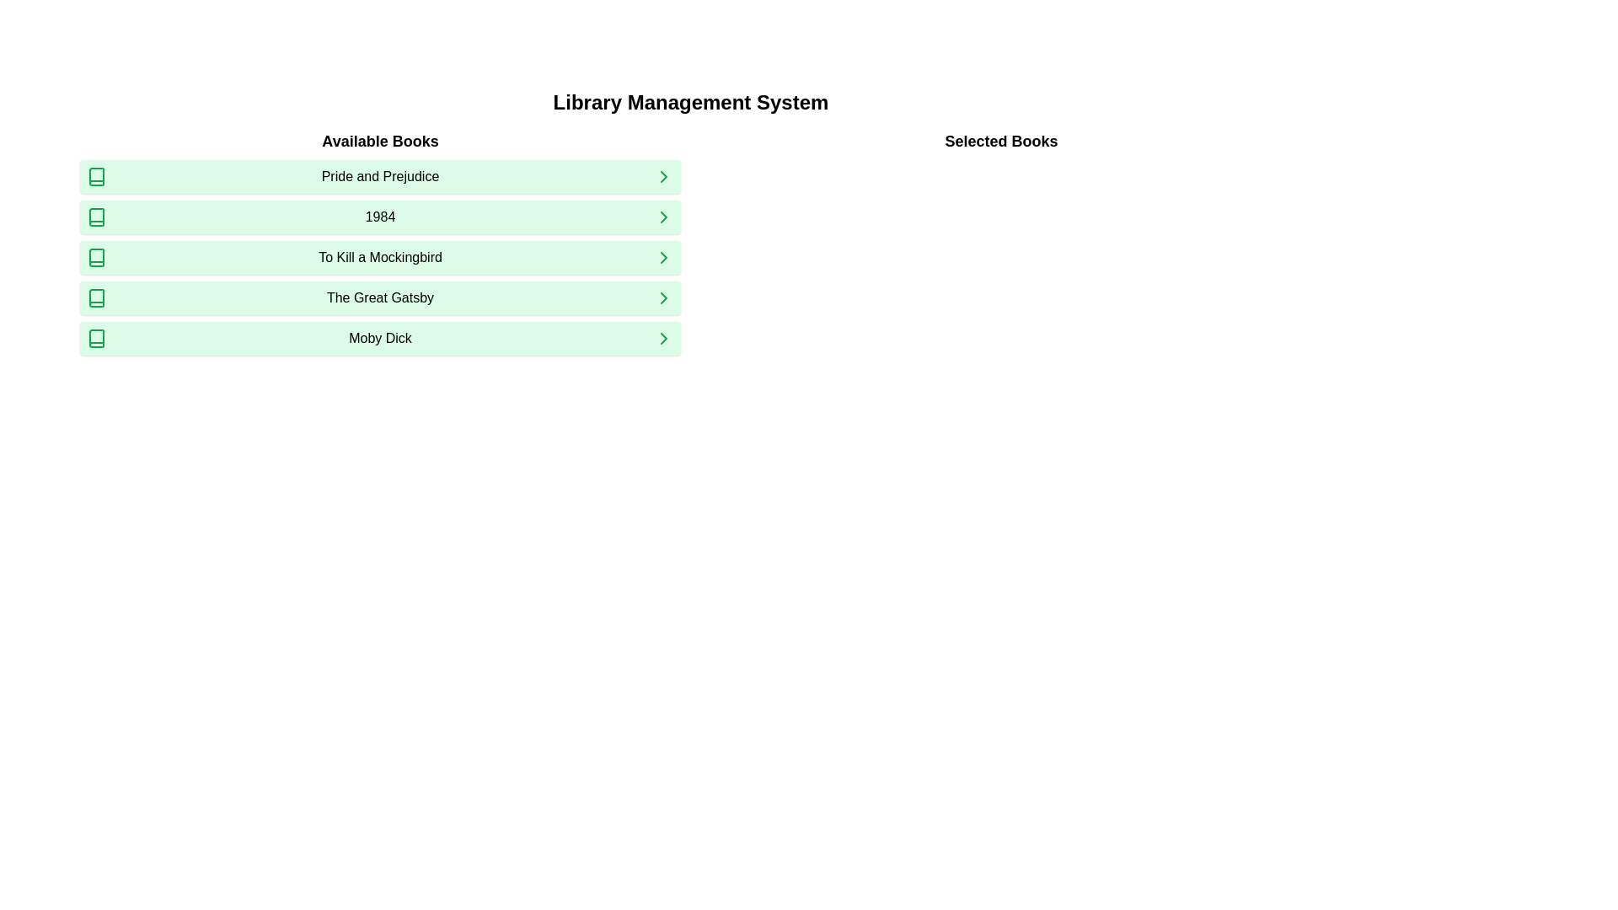 The height and width of the screenshot is (910, 1618). Describe the element at coordinates (662, 217) in the screenshot. I see `the icon that indicates the '1984' book entry to trigger the hover effect` at that location.